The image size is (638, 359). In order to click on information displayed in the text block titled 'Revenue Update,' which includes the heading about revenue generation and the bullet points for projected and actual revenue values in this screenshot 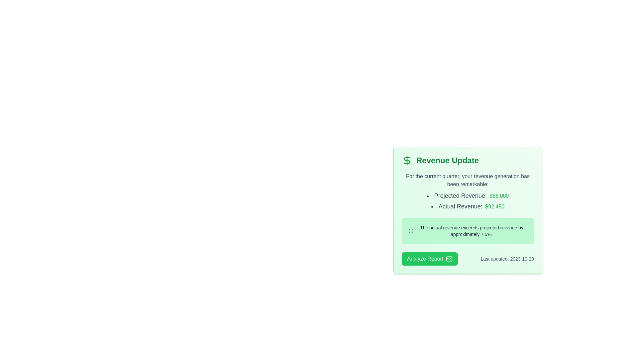, I will do `click(467, 192)`.